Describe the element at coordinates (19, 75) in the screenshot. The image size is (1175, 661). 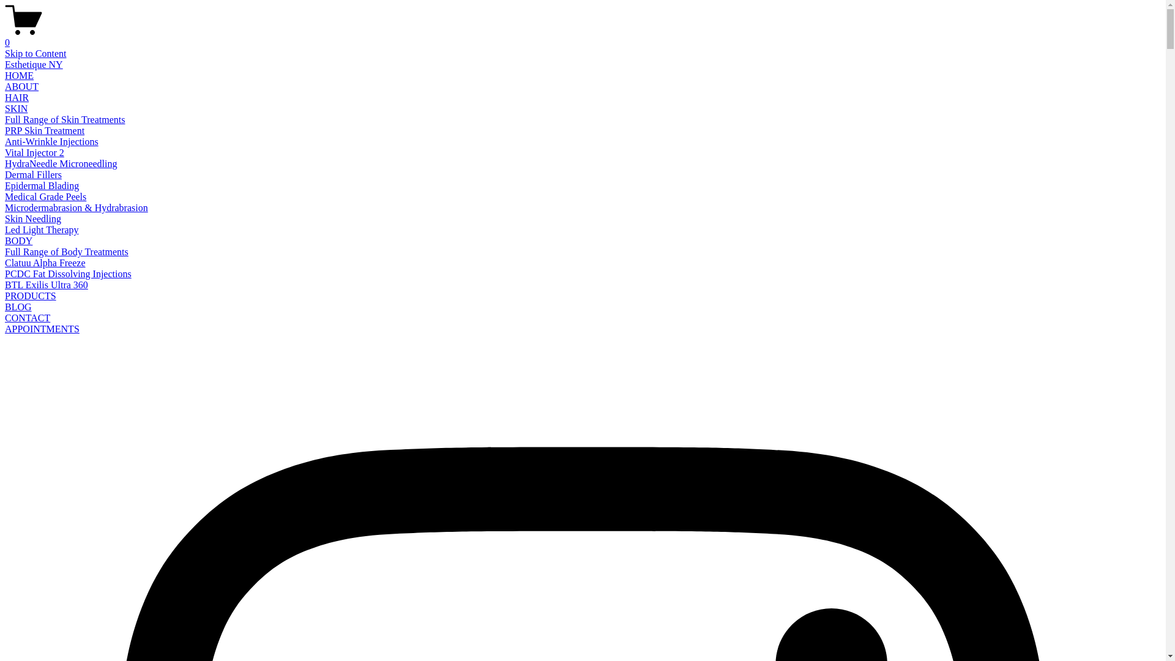
I see `'HOME'` at that location.